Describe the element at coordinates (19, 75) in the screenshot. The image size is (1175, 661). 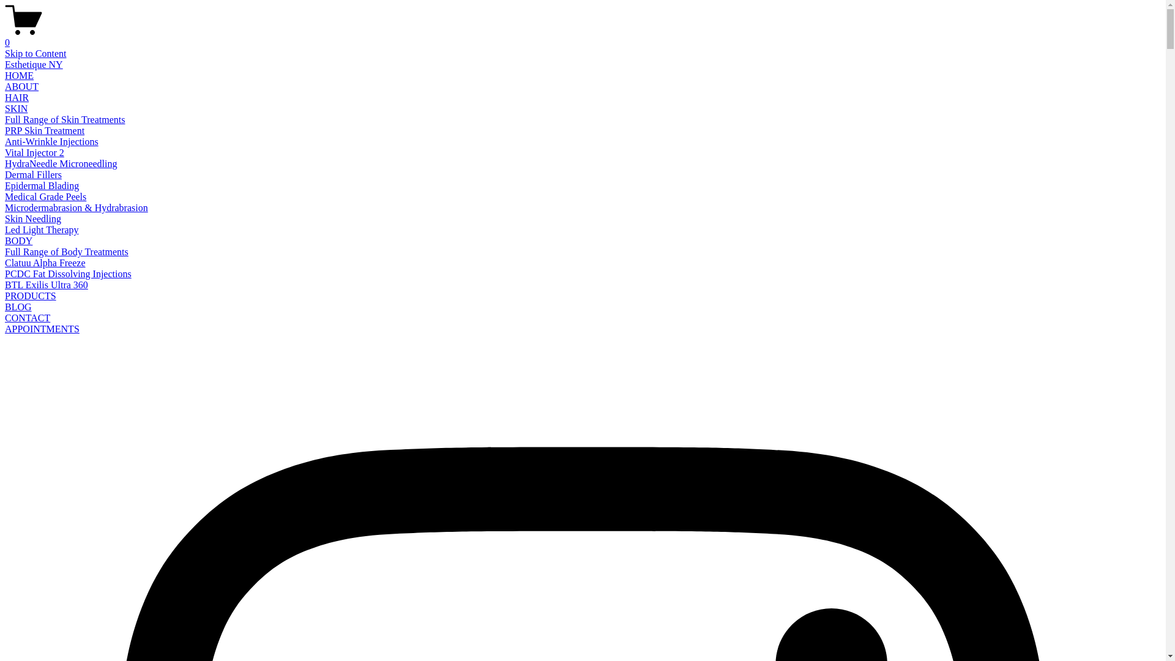
I see `'HOME'` at that location.